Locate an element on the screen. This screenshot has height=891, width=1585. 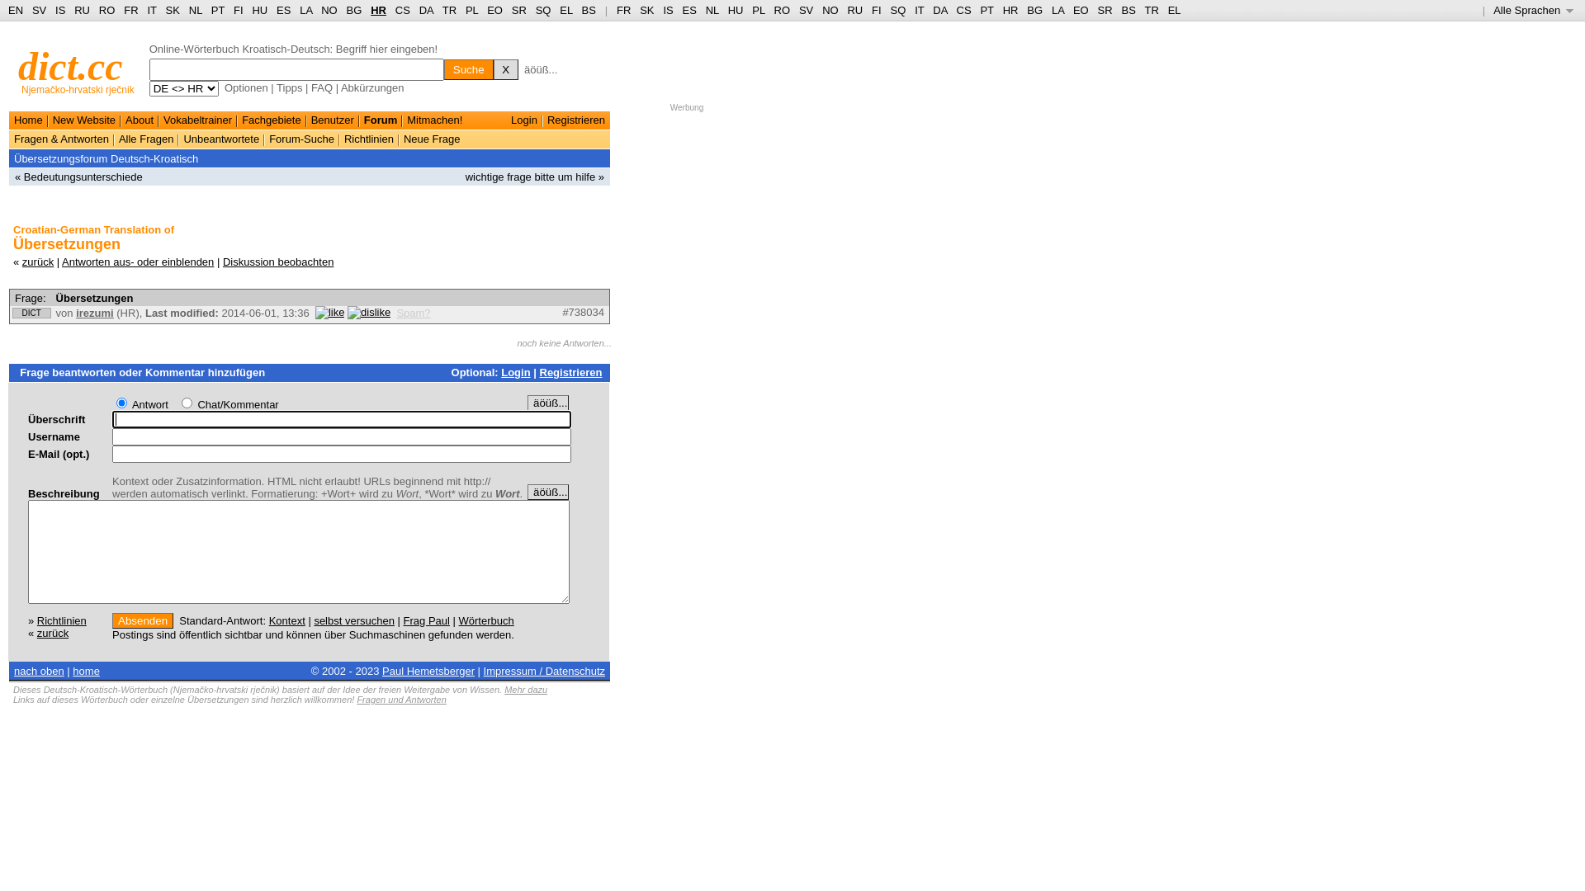
'PT' is located at coordinates (217, 10).